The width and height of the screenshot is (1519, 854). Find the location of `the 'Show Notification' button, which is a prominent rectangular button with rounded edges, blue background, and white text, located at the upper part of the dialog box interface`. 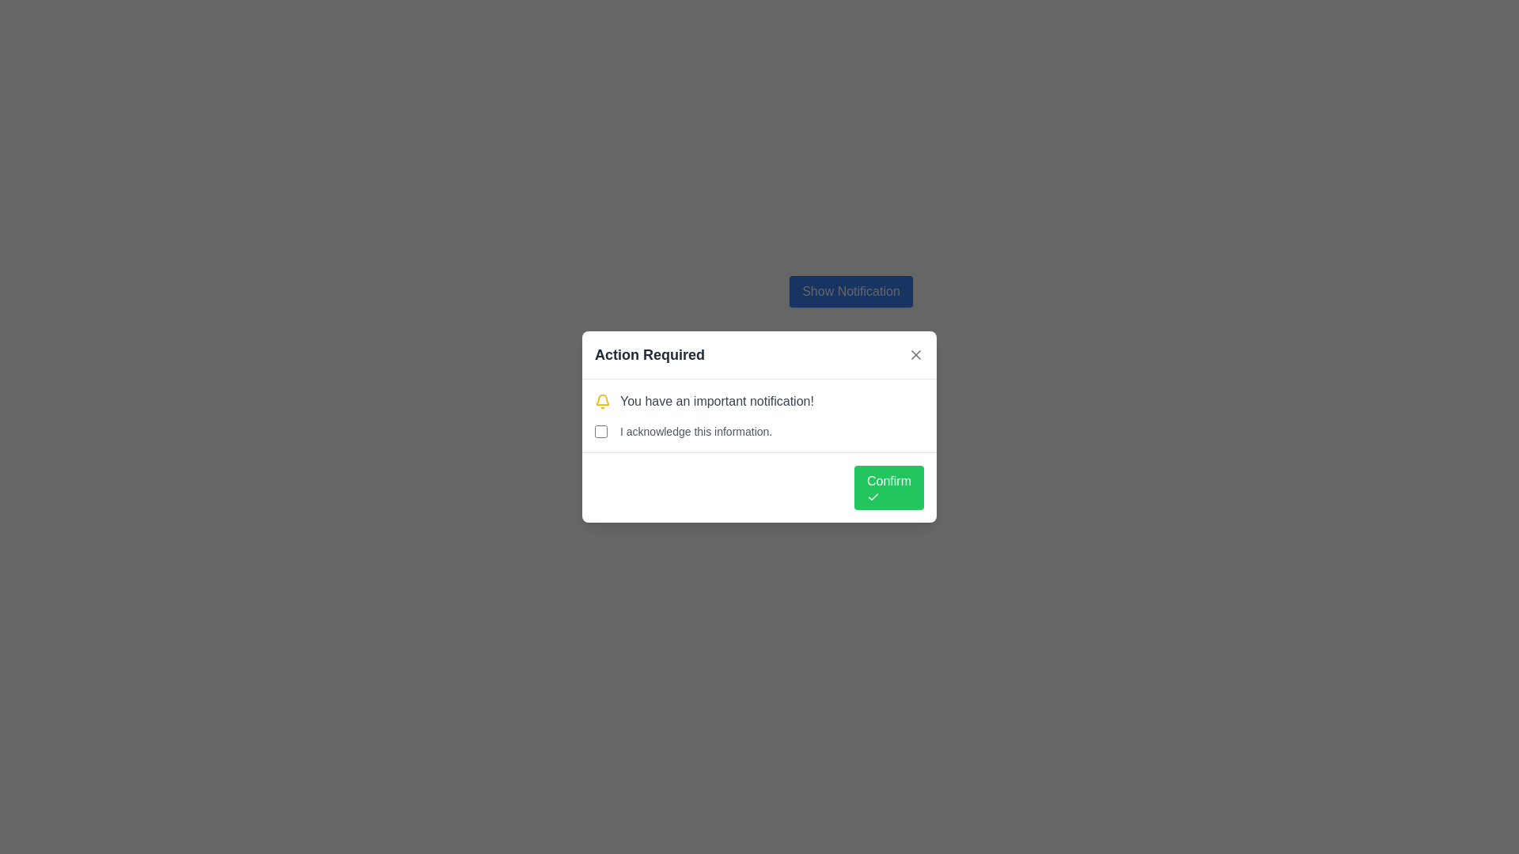

the 'Show Notification' button, which is a prominent rectangular button with rounded edges, blue background, and white text, located at the upper part of the dialog box interface is located at coordinates (850, 292).